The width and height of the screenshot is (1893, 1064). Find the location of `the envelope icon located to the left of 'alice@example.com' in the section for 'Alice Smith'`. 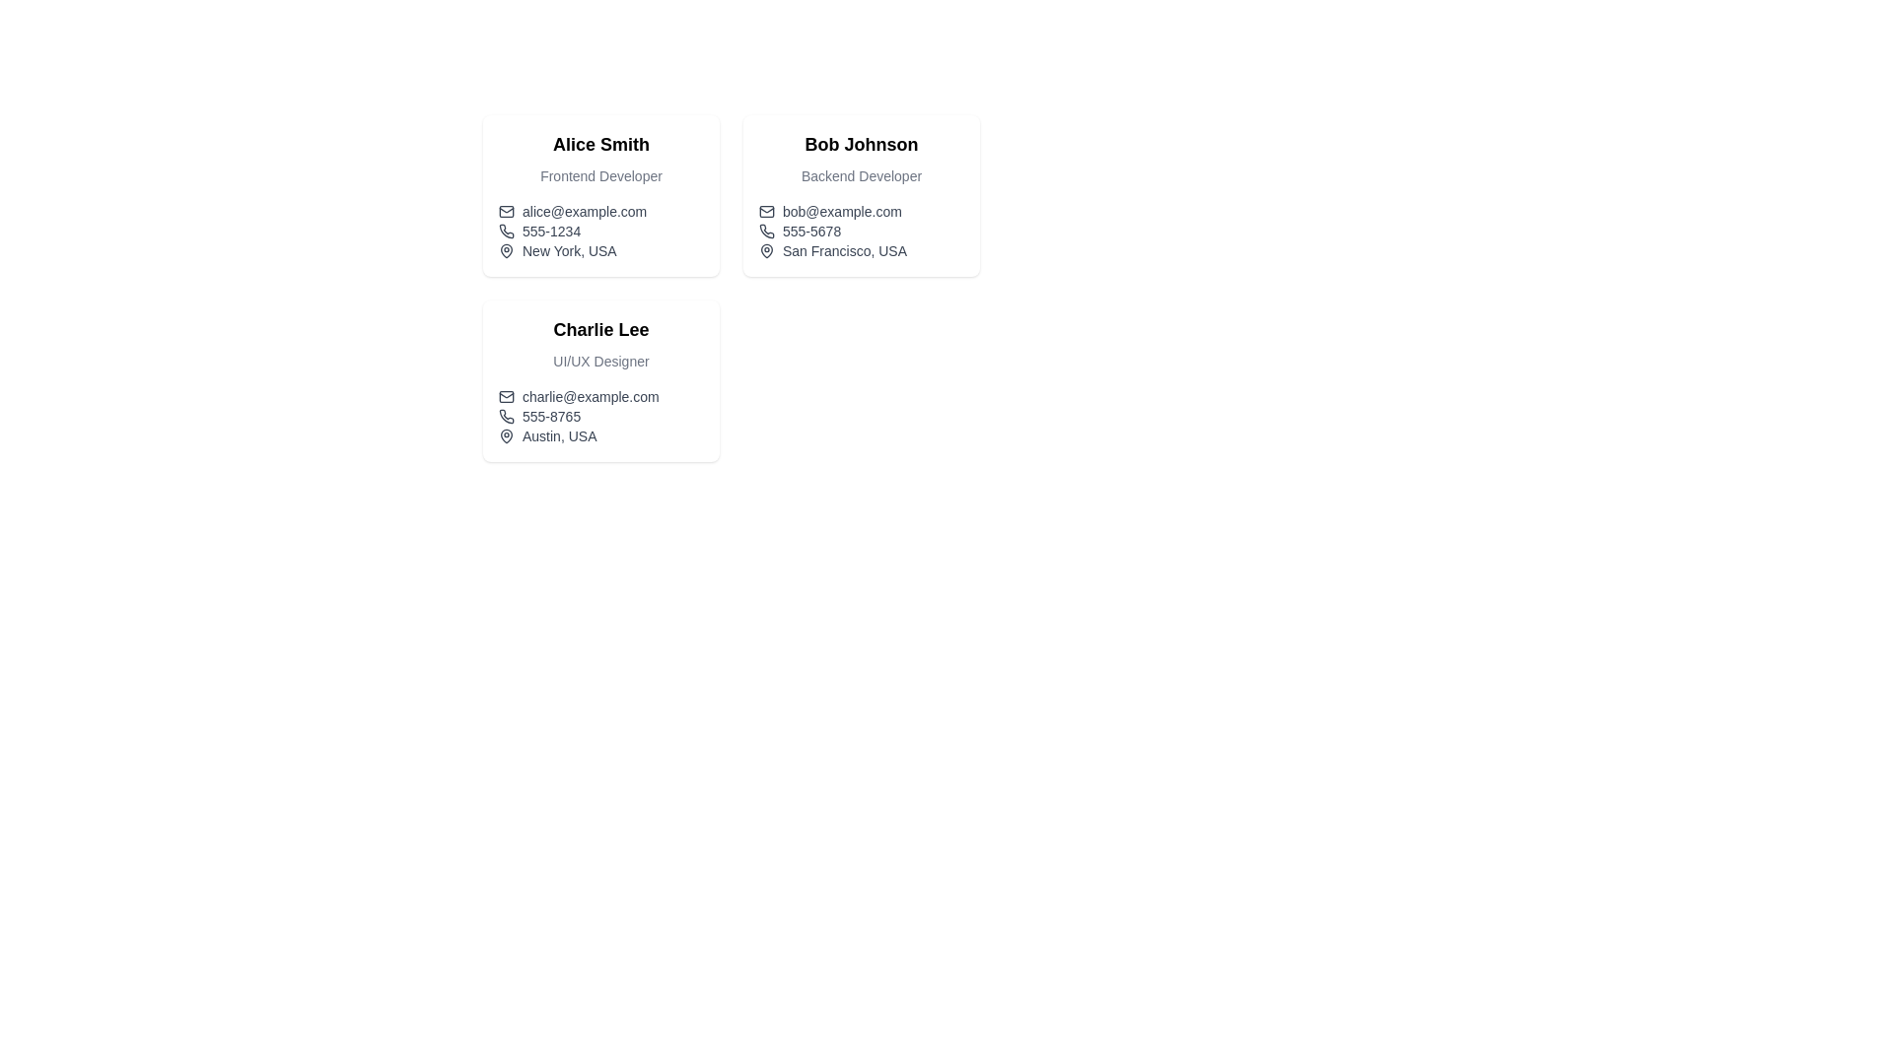

the envelope icon located to the left of 'alice@example.com' in the section for 'Alice Smith' is located at coordinates (506, 212).